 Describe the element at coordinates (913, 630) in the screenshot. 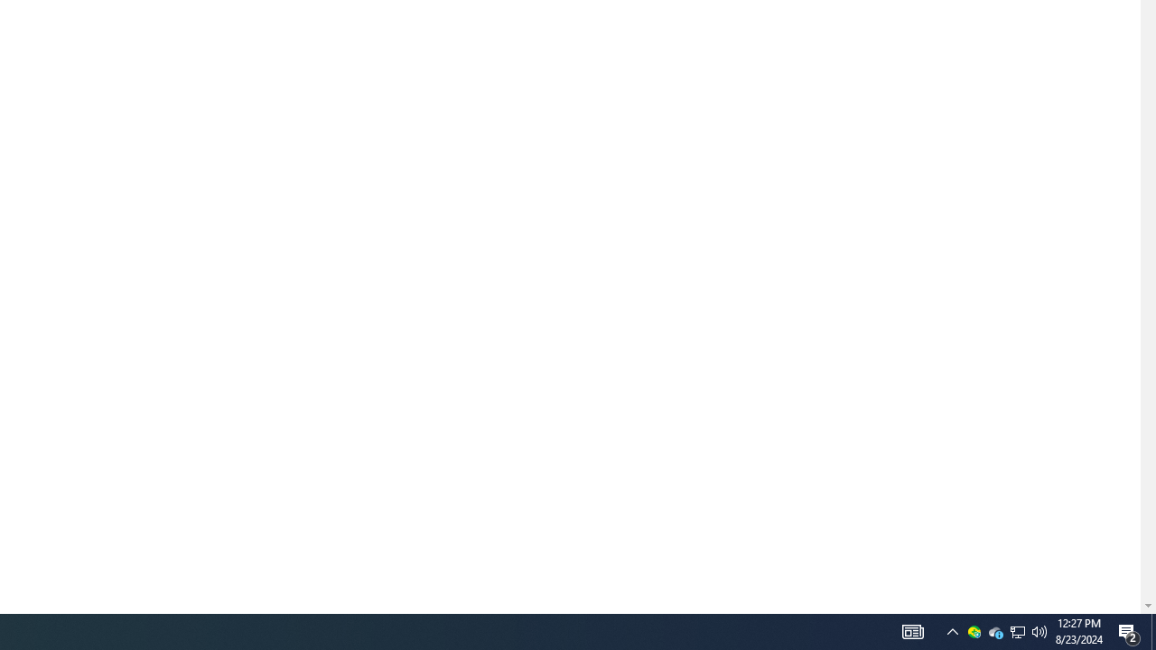

I see `'AutomationID: 4105'` at that location.